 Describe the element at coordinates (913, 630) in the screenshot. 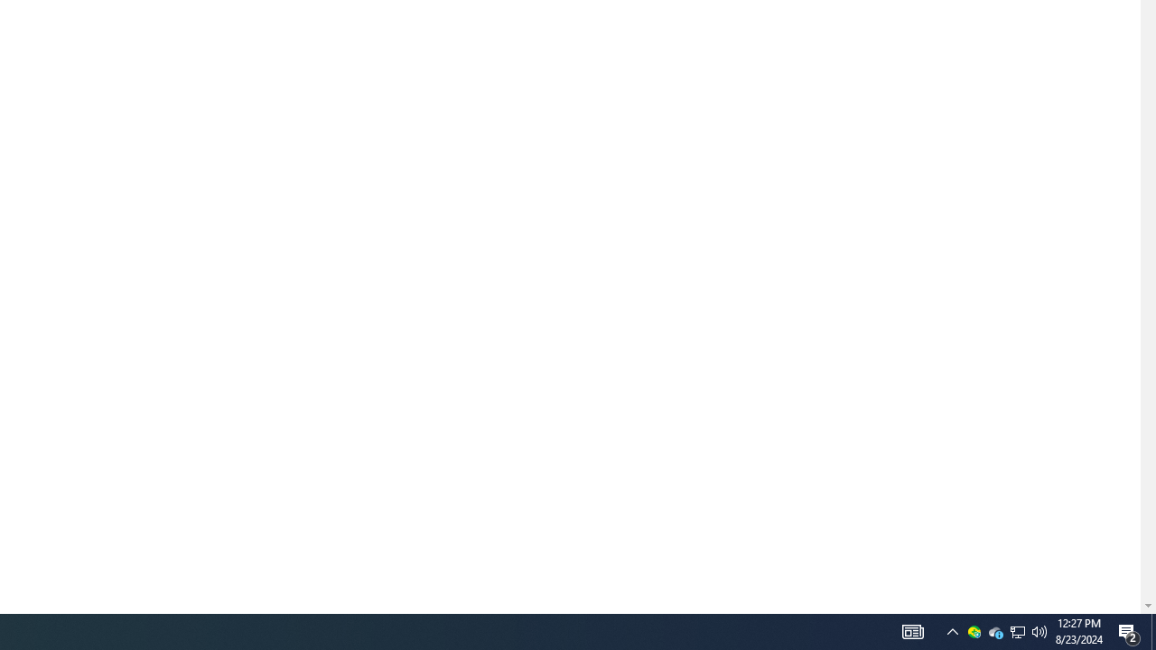

I see `'AutomationID: 4105'` at that location.